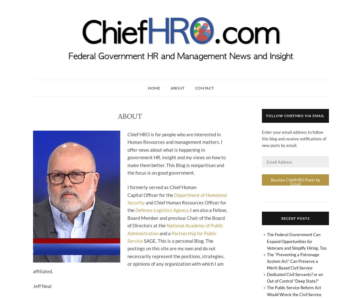  Describe the element at coordinates (32, 66) in the screenshot. I see `'Federal Government HR and Management News and Insight'` at that location.